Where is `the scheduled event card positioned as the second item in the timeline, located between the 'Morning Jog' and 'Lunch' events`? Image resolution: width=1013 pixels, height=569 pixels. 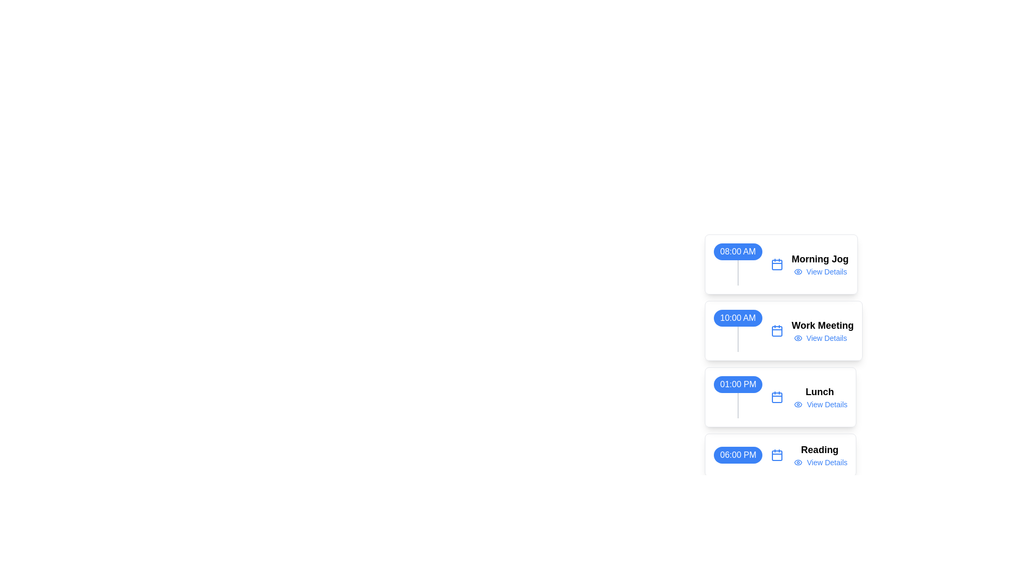 the scheduled event card positioned as the second item in the timeline, located between the 'Morning Jog' and 'Lunch' events is located at coordinates (783, 330).